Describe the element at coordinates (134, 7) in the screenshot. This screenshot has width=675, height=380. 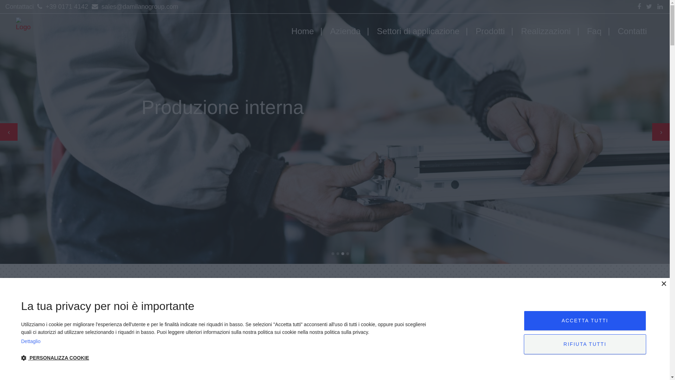
I see `'sales@damilanogroup.com'` at that location.